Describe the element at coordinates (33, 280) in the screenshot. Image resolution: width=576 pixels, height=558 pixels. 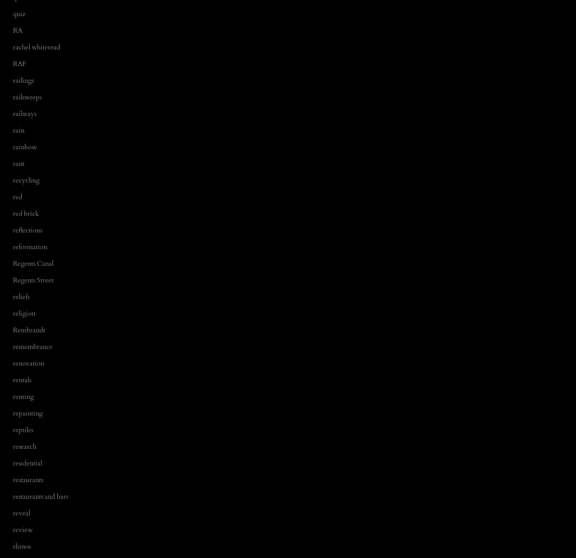
I see `'Regents Street'` at that location.